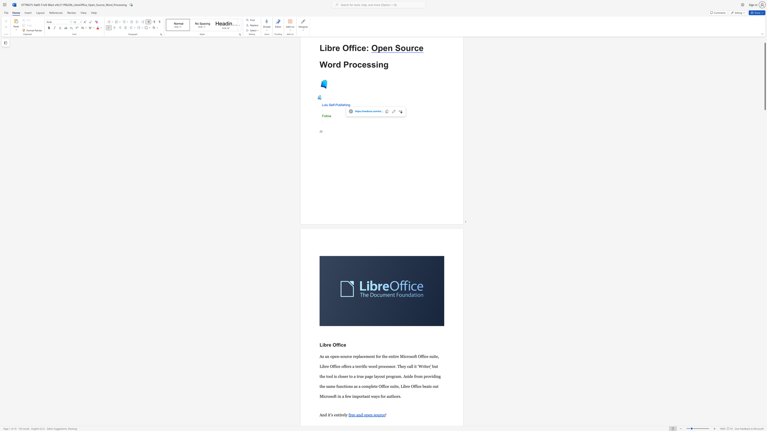 This screenshot has width=767, height=431. I want to click on the 1th character "n" in the text, so click(337, 415).